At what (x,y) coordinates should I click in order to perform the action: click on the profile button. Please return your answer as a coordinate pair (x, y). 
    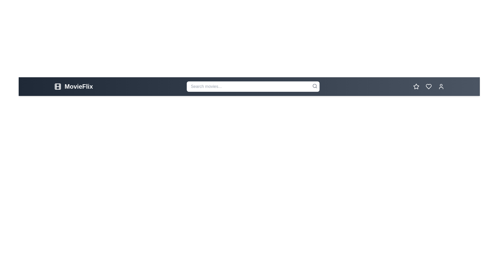
    Looking at the image, I should click on (441, 86).